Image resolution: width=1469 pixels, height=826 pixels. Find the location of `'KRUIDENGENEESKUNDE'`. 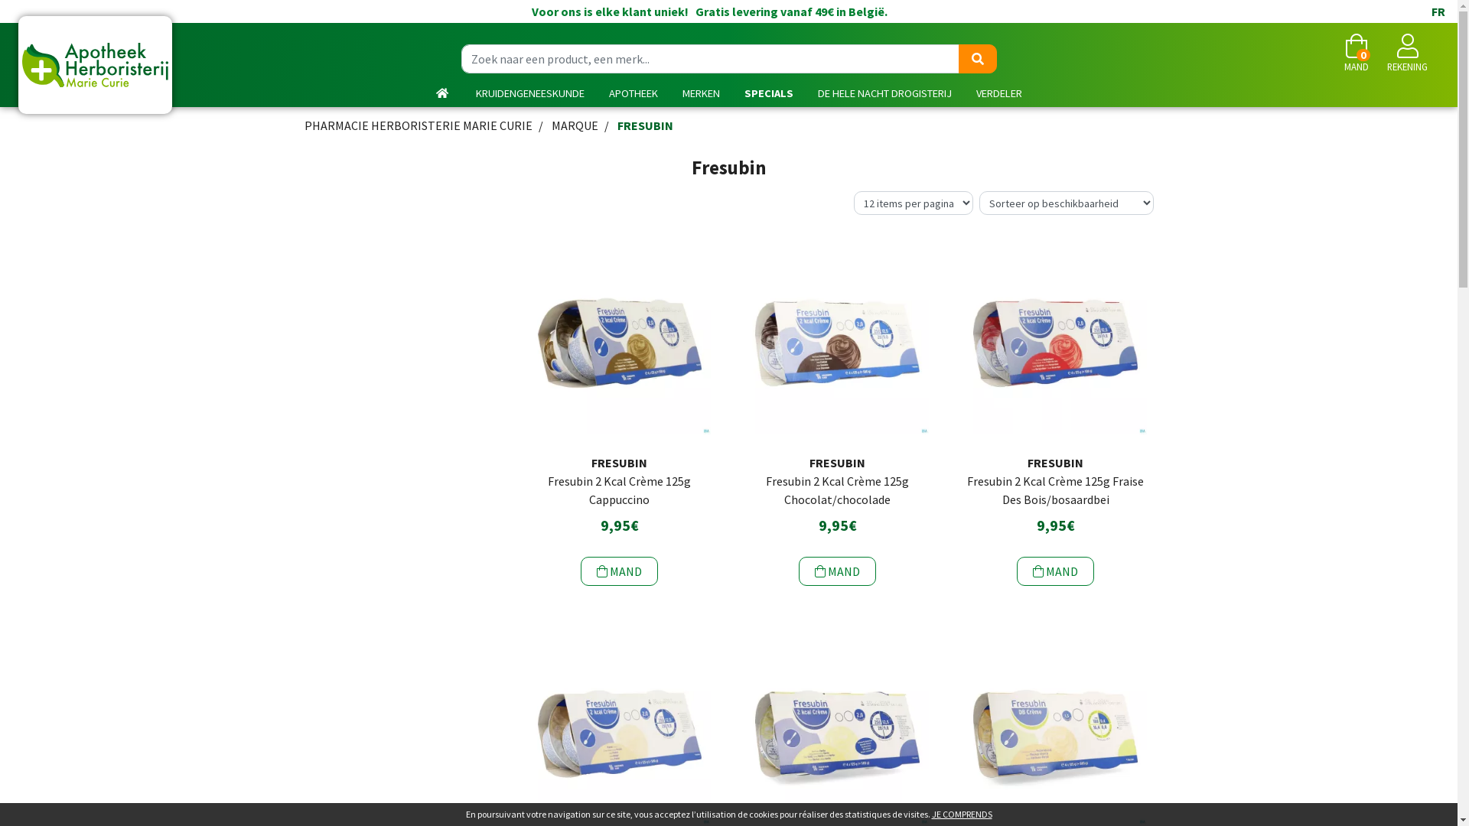

'KRUIDENGENEESKUNDE' is located at coordinates (529, 94).